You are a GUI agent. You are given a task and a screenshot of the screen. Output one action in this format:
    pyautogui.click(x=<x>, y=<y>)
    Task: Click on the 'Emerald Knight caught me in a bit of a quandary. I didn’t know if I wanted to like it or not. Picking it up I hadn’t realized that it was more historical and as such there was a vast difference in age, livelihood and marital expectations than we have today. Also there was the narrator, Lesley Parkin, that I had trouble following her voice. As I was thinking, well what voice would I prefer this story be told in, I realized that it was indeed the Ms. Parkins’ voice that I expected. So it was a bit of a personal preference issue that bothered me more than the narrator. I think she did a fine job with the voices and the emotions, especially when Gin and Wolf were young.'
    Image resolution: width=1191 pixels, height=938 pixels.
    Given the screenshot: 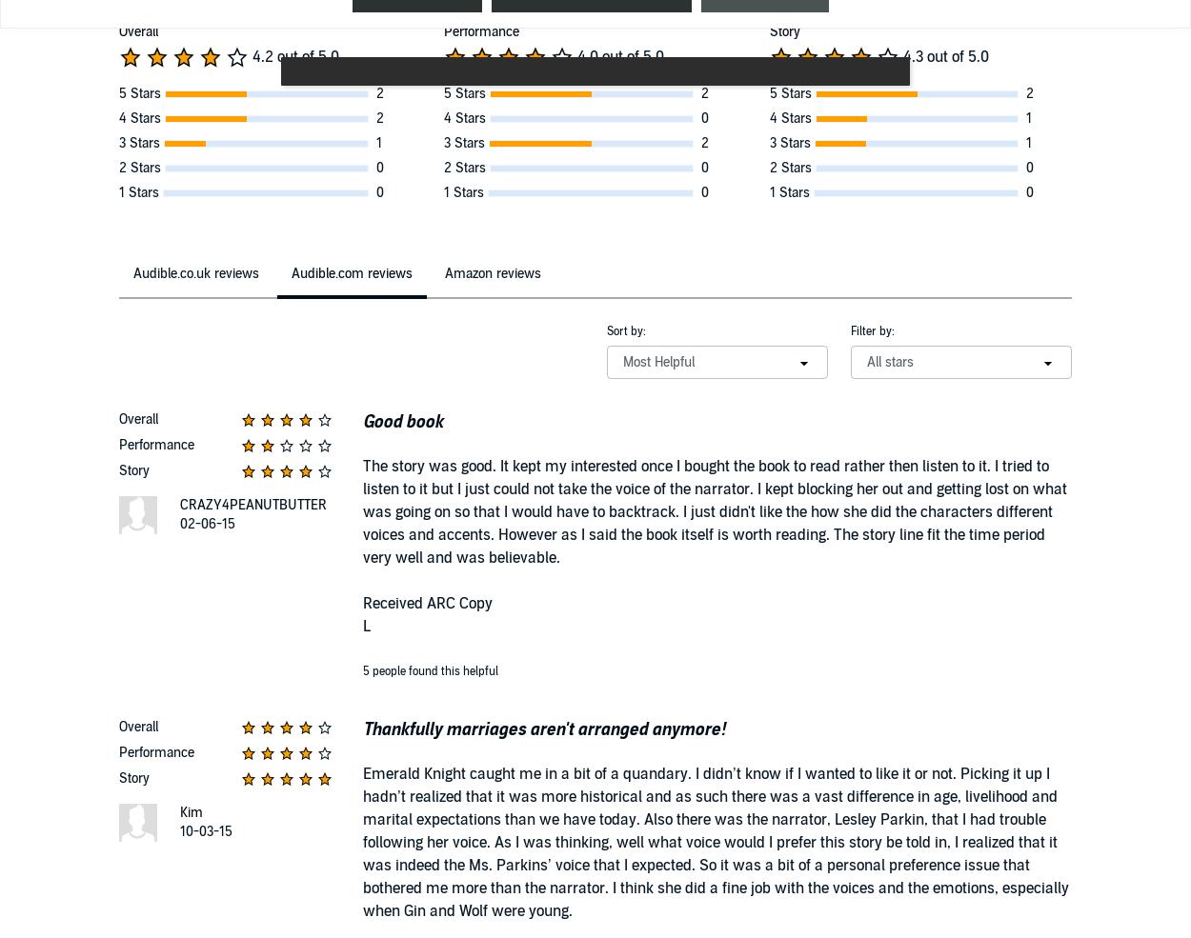 What is the action you would take?
    pyautogui.click(x=716, y=842)
    